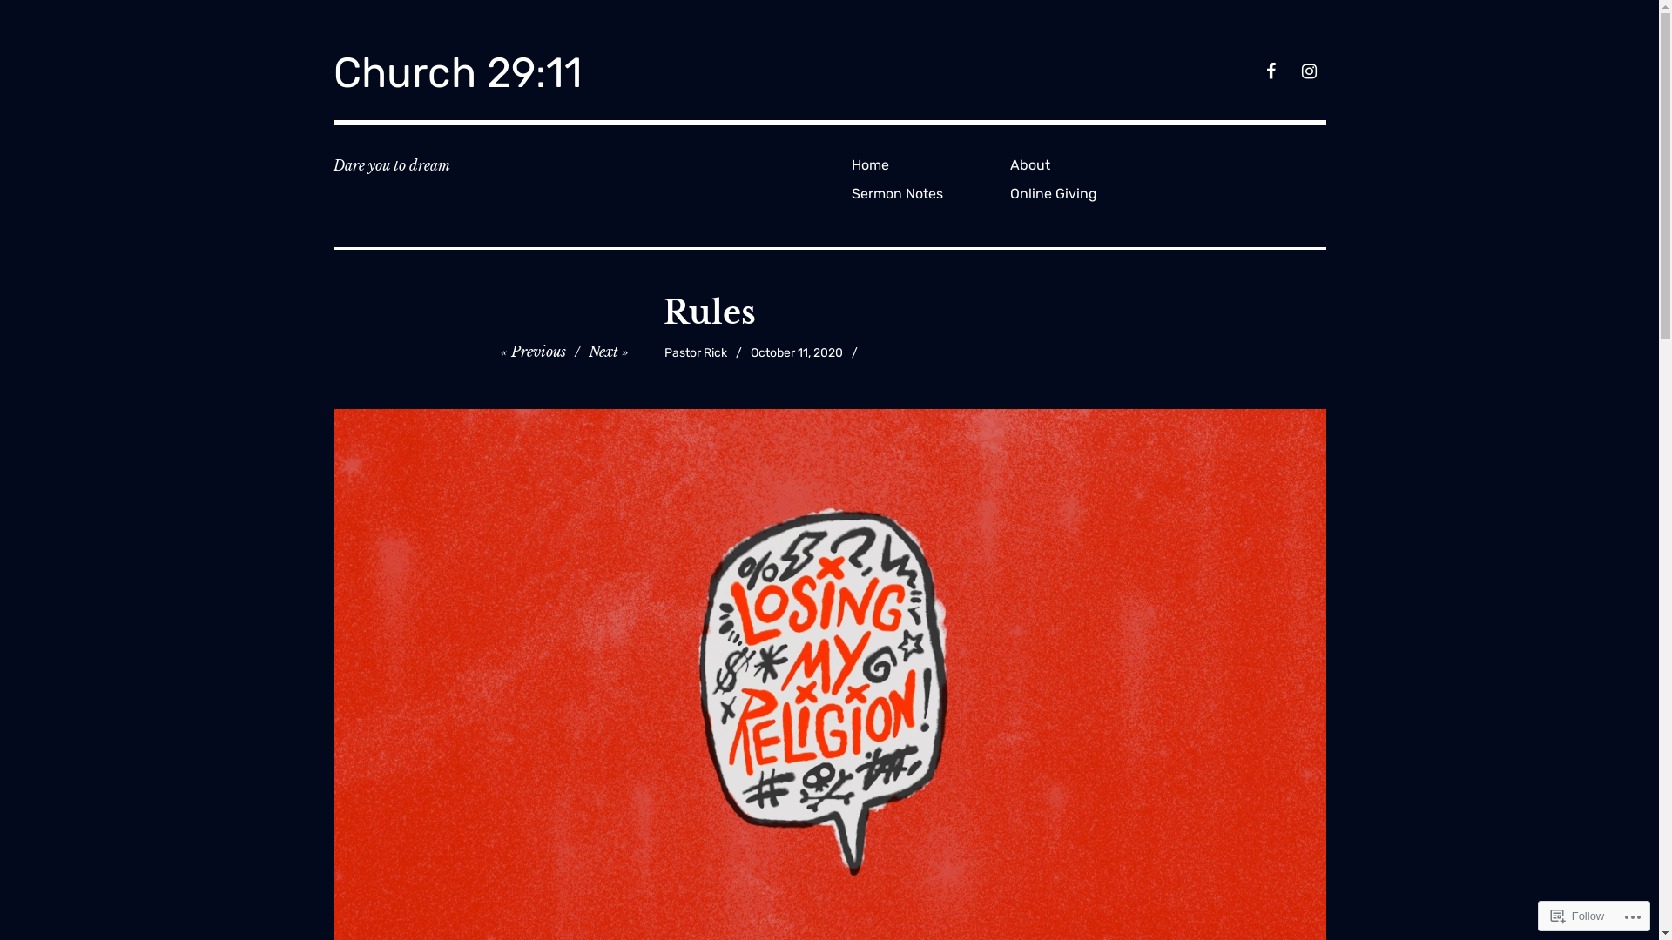 The width and height of the screenshot is (1672, 940). Describe the element at coordinates (1578, 915) in the screenshot. I see `'Follow'` at that location.